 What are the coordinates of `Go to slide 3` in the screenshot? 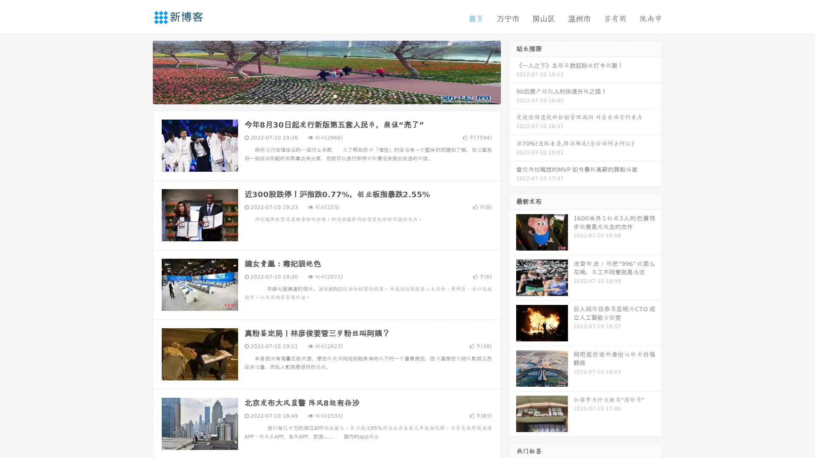 It's located at (335, 95).